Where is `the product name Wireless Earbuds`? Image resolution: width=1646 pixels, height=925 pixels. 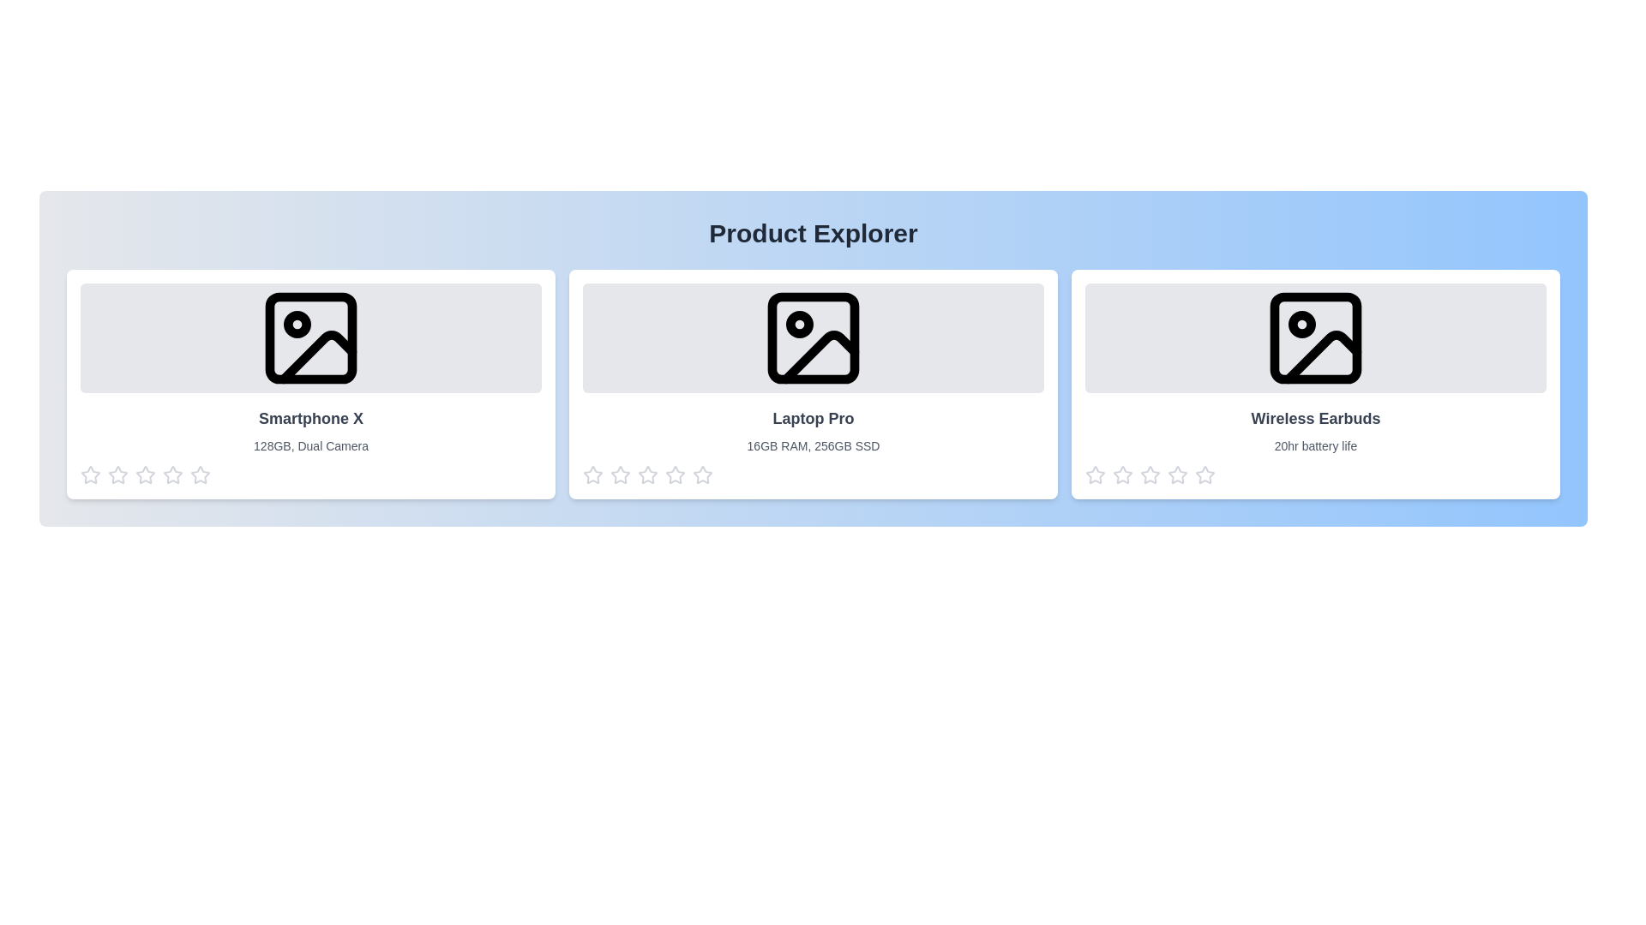
the product name Wireless Earbuds is located at coordinates (1315, 419).